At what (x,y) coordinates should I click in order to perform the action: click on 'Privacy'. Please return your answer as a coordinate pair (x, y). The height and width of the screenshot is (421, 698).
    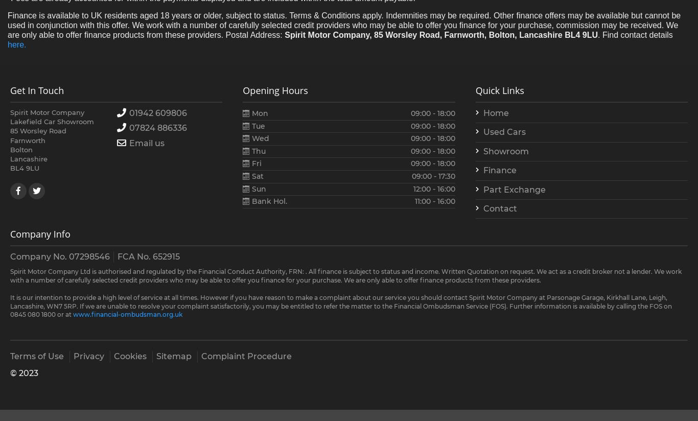
    Looking at the image, I should click on (88, 356).